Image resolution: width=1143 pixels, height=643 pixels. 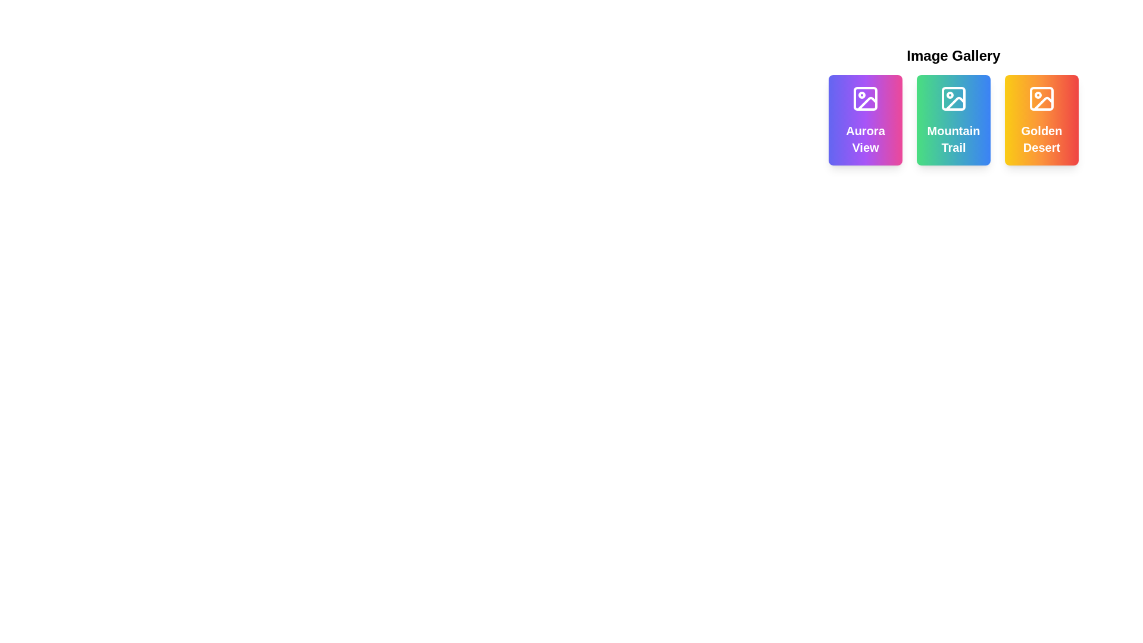 I want to click on the 'Mountain Trail' selectable card in the image gallery for accessibility actions, so click(x=954, y=105).